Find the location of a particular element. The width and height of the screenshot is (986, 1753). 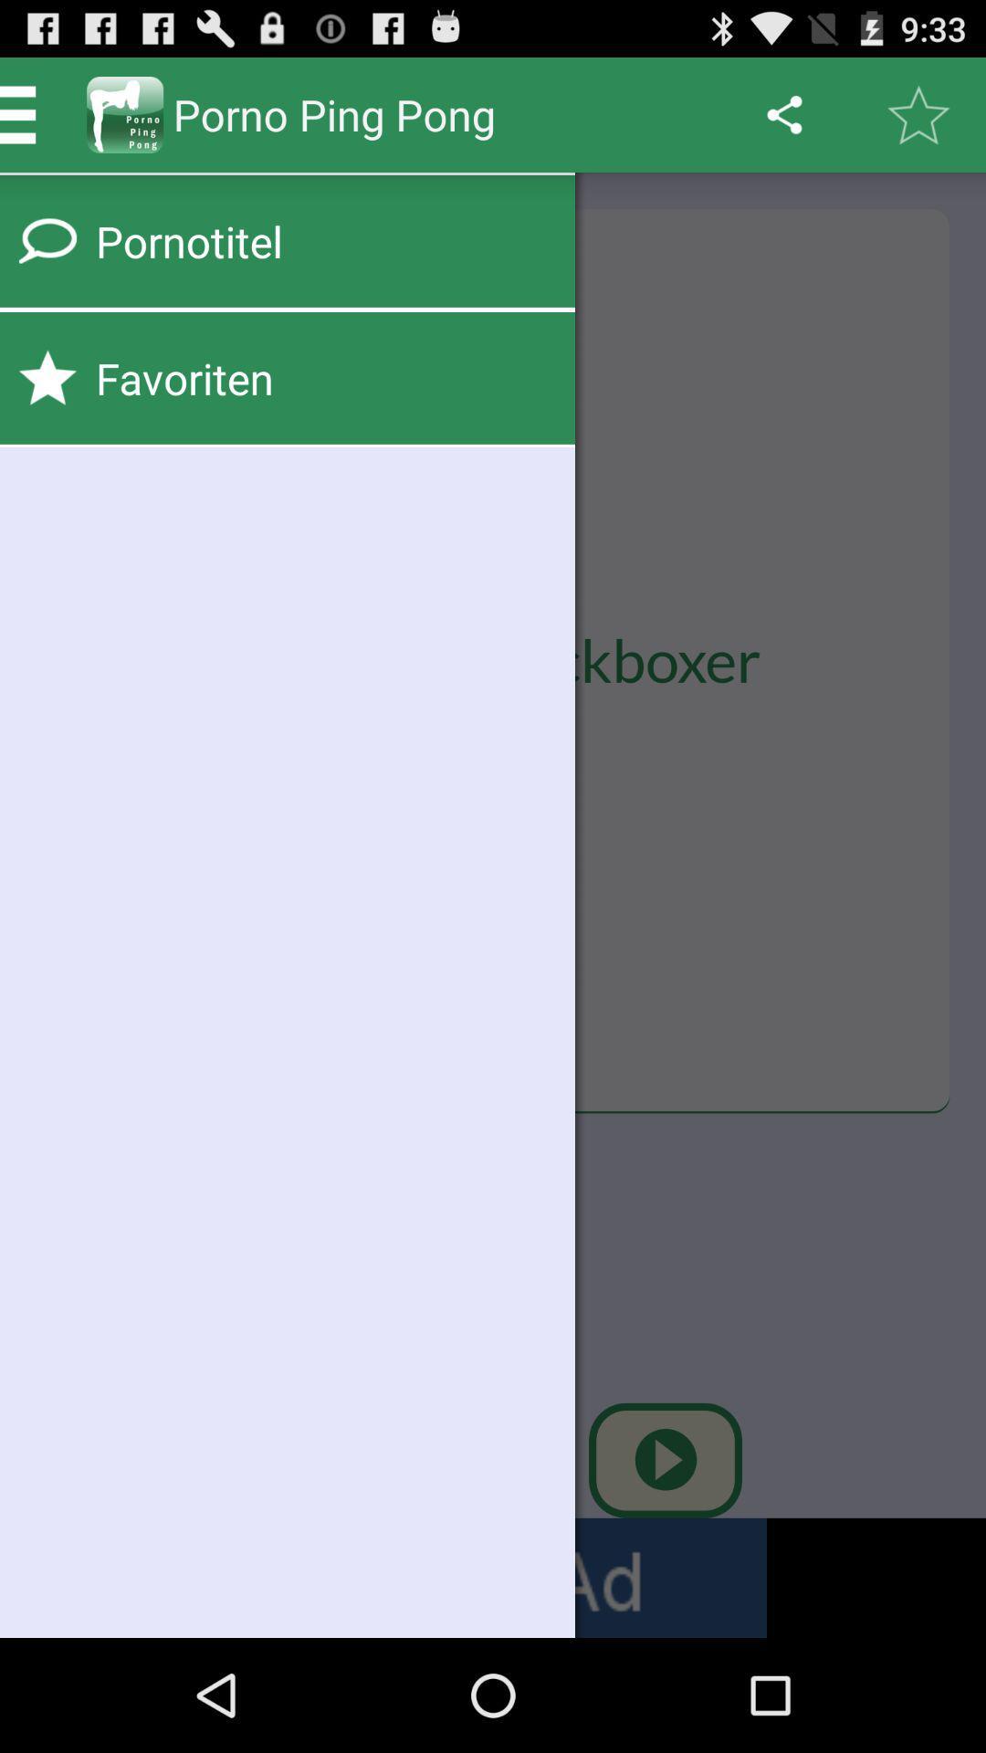

the icon on the right next to the button which which is on the top left corner of the web page is located at coordinates (124, 113).